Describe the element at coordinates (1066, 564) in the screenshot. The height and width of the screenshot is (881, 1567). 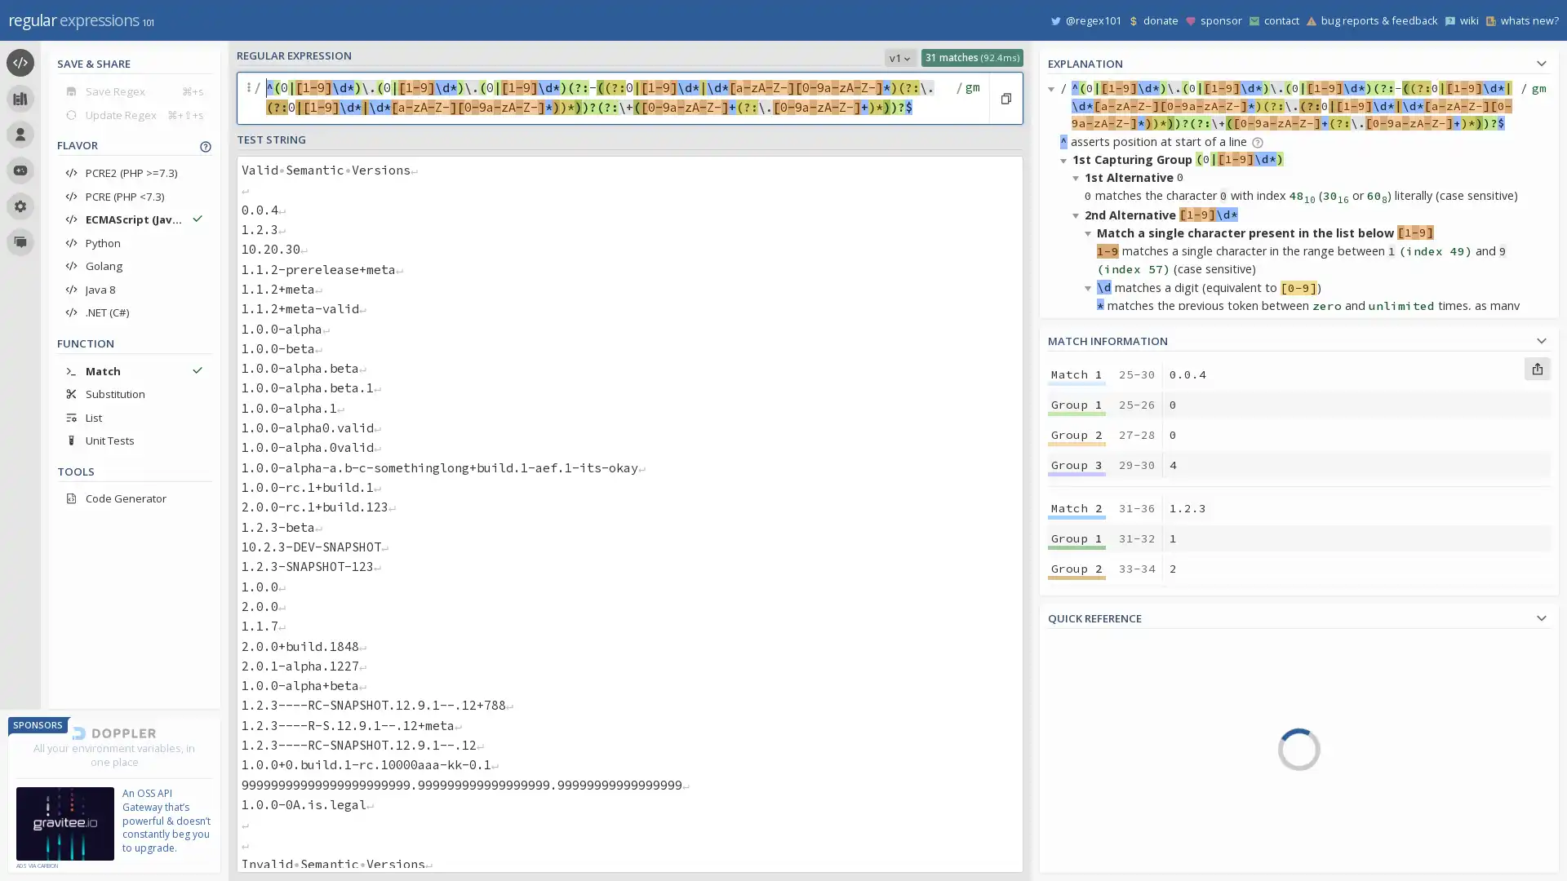
I see `Collapse Subtree` at that location.